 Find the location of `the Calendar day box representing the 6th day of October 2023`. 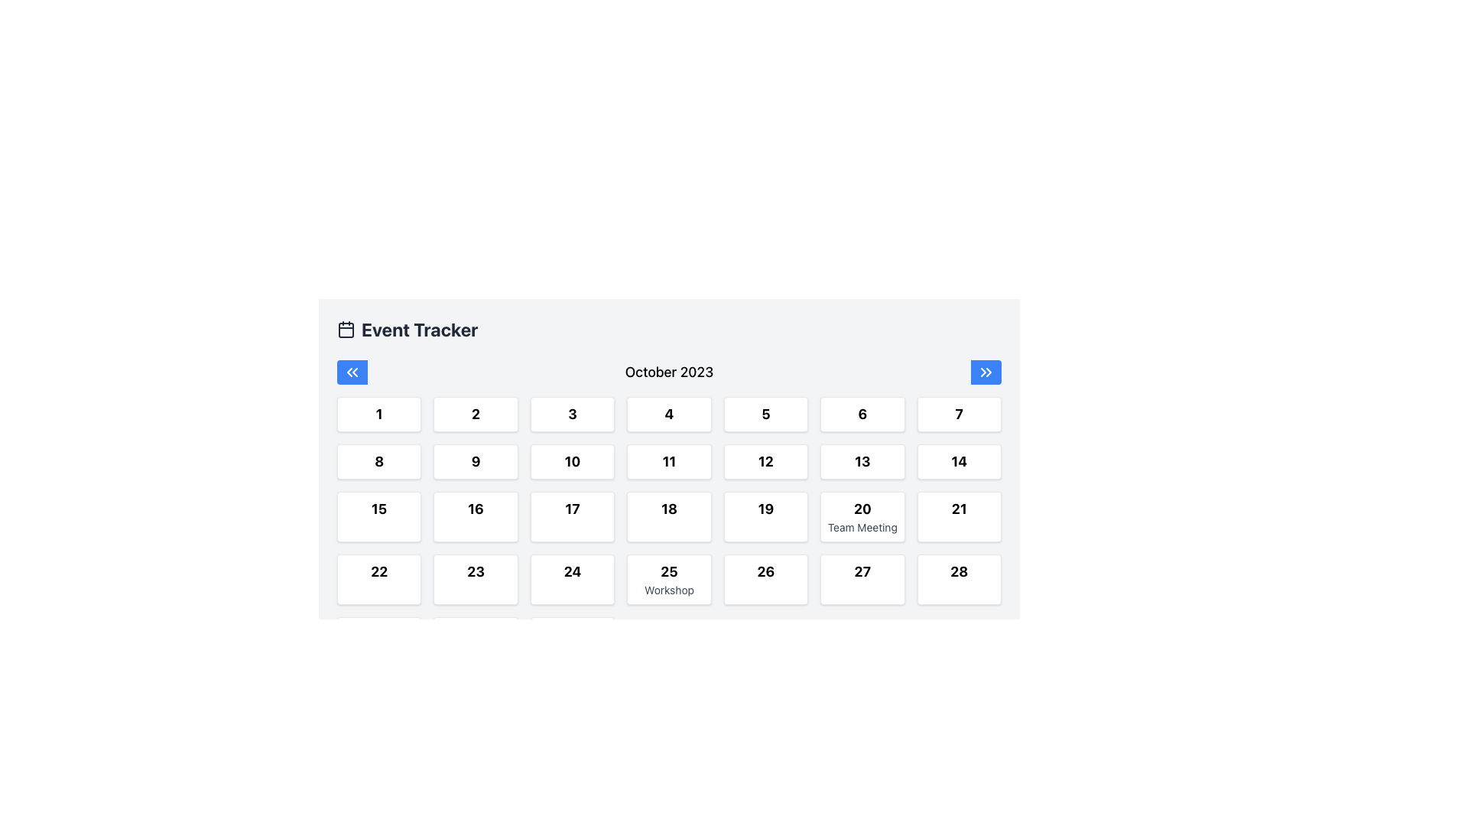

the Calendar day box representing the 6th day of October 2023 is located at coordinates (862, 415).